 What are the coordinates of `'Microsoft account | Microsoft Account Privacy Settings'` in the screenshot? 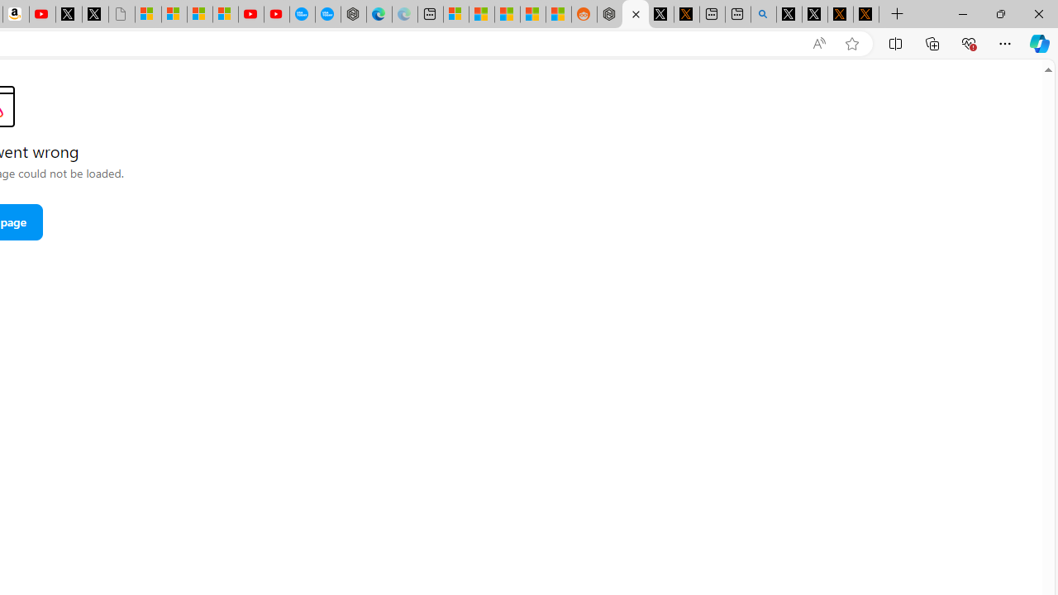 It's located at (455, 14).